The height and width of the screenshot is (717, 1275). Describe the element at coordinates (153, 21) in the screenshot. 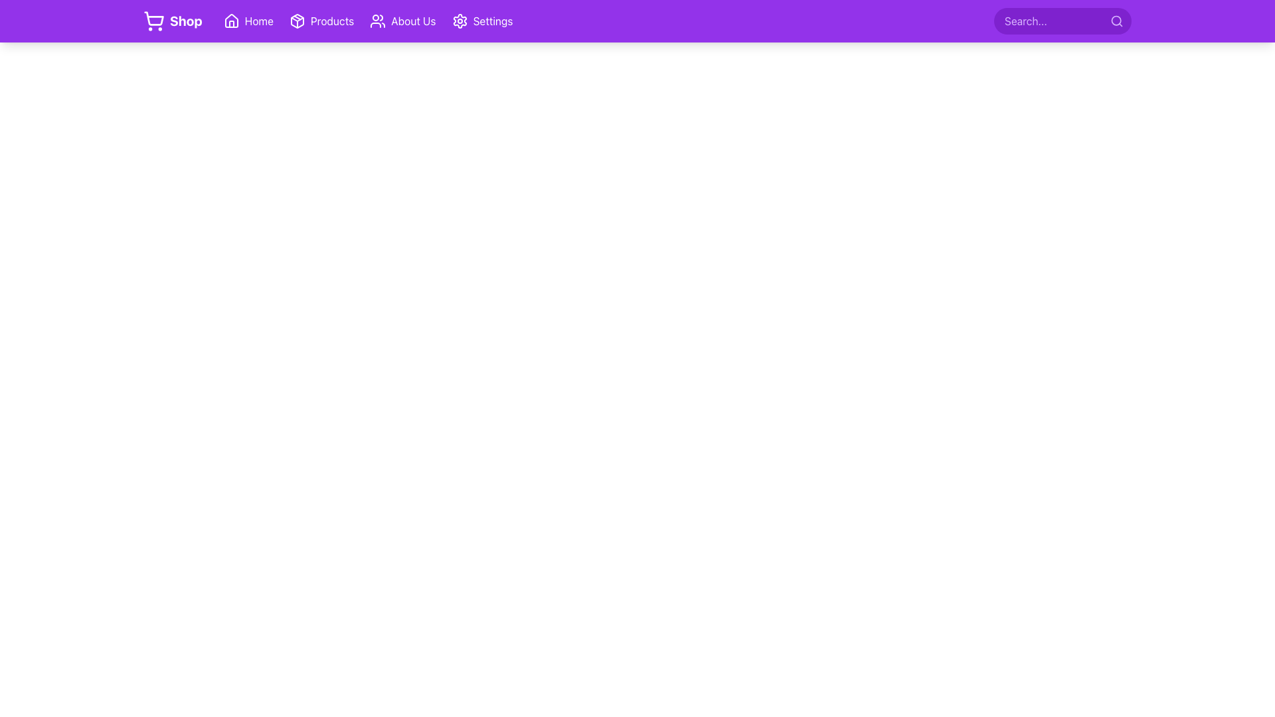

I see `the shopping cart icon located in the topmost navigation bar, adjacent to the 'Shop' text` at that location.